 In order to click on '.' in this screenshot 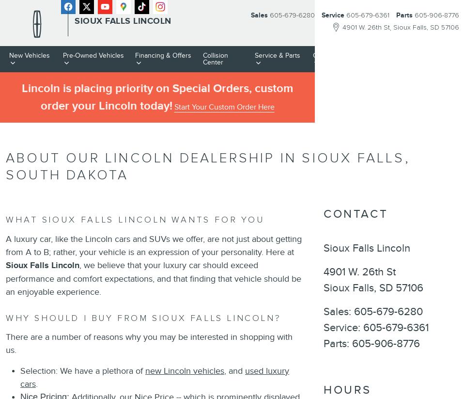, I will do `click(38, 383)`.